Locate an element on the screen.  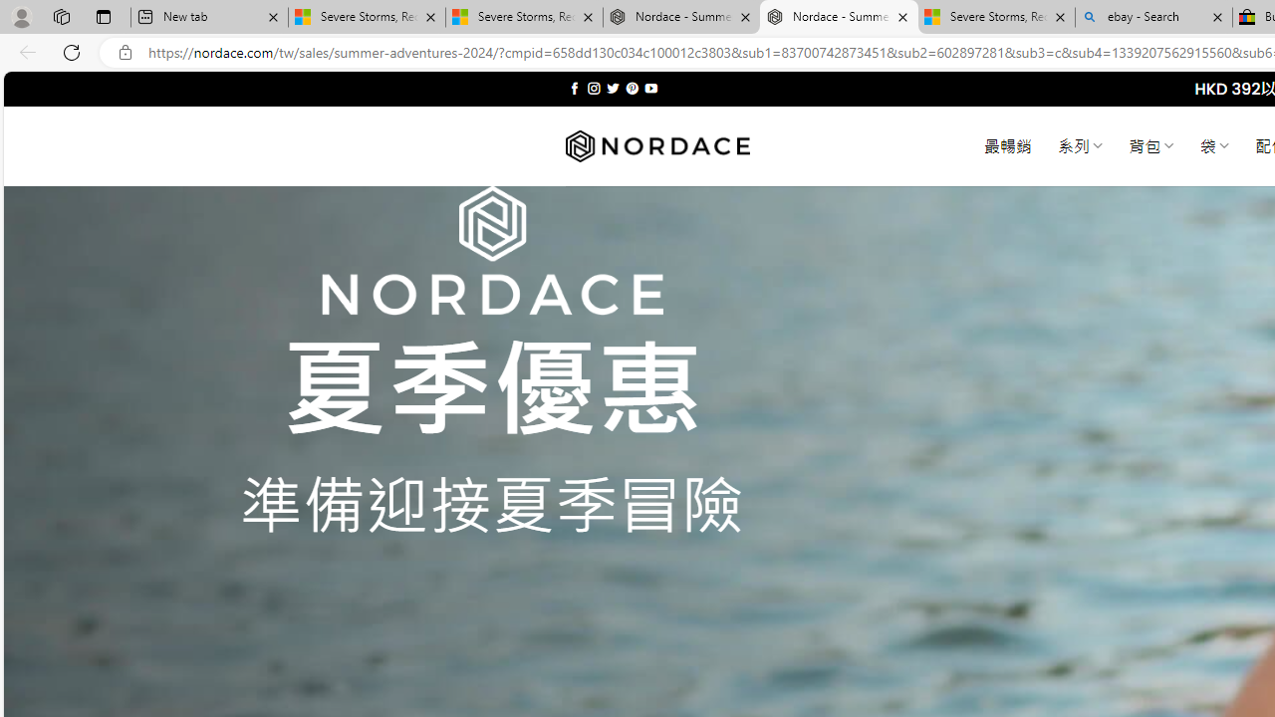
'Follow on Pinterest' is located at coordinates (631, 88).